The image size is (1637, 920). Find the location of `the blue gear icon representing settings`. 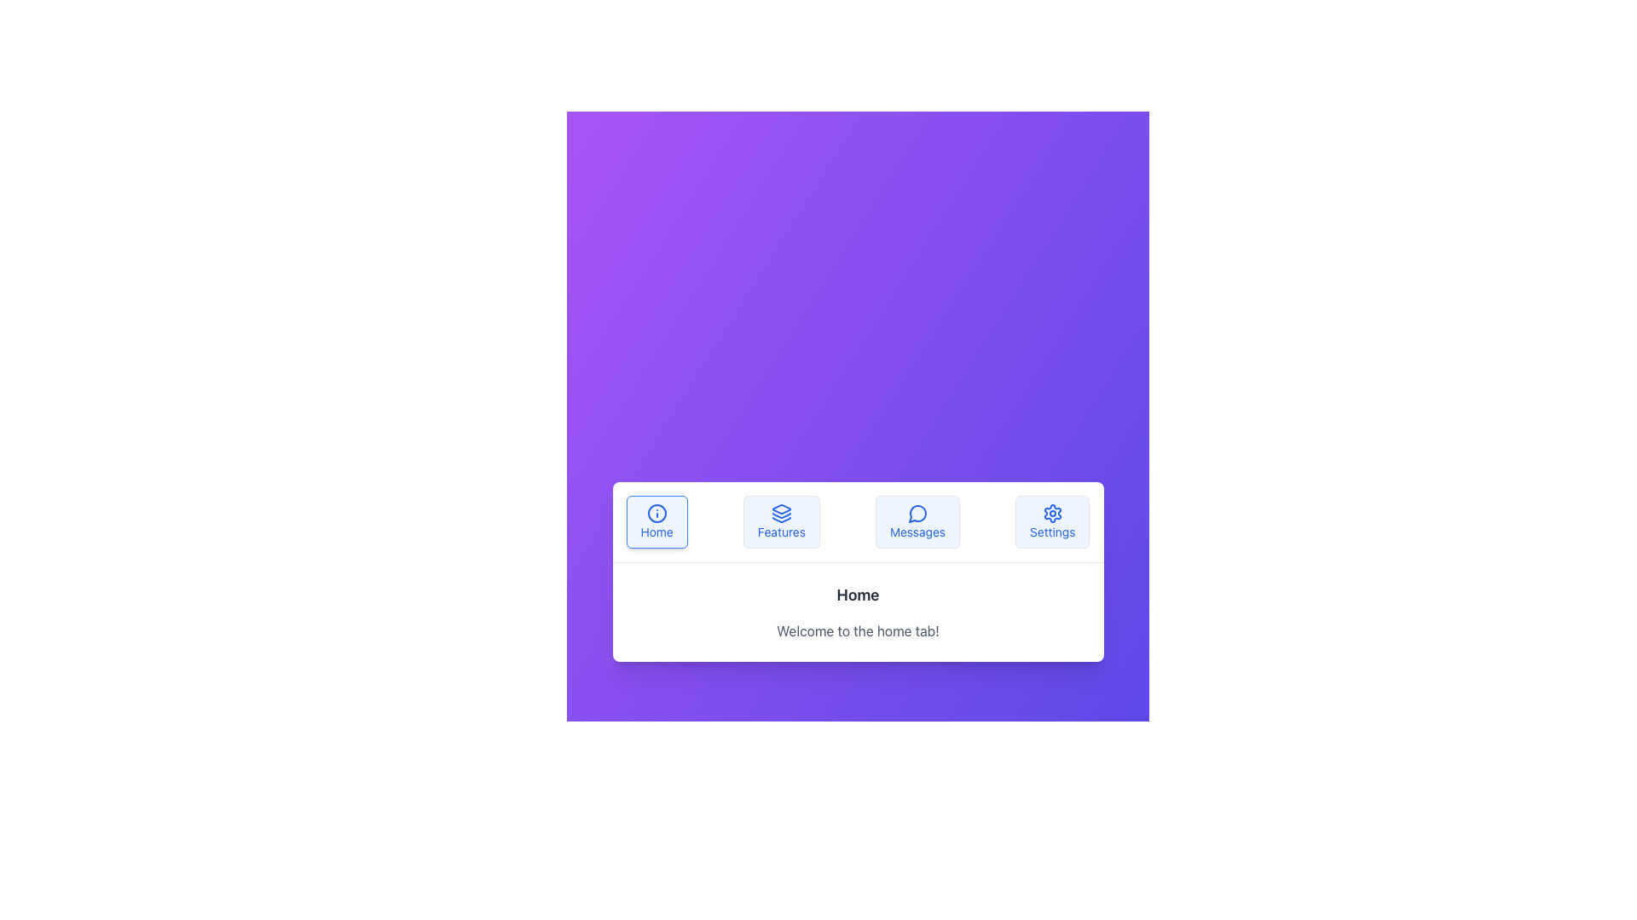

the blue gear icon representing settings is located at coordinates (1051, 512).